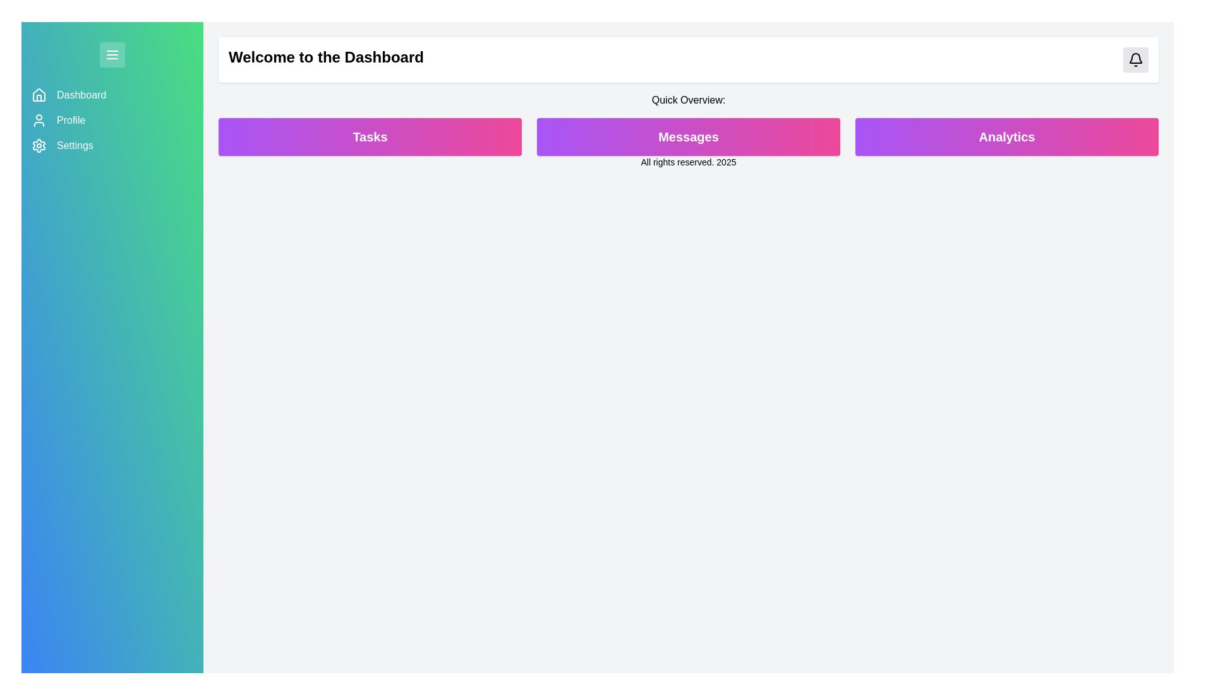 The width and height of the screenshot is (1213, 682). What do you see at coordinates (39, 94) in the screenshot?
I see `the house icon` at bounding box center [39, 94].